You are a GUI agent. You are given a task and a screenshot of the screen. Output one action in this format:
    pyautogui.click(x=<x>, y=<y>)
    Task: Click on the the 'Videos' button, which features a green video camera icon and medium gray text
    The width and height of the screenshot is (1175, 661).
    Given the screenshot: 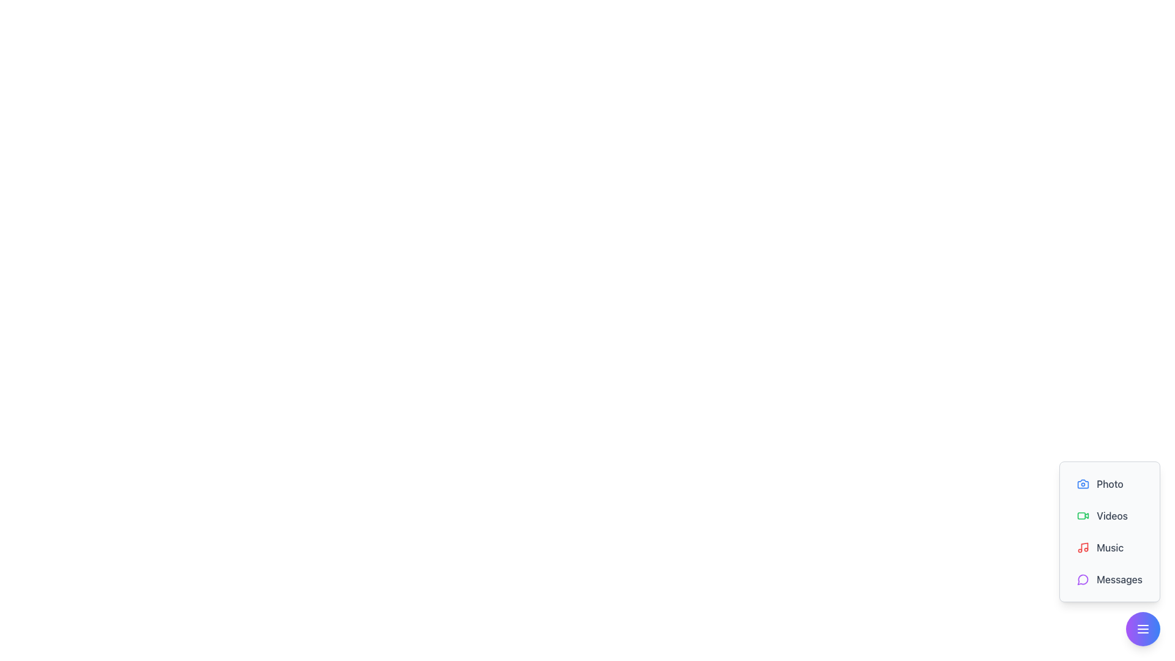 What is the action you would take?
    pyautogui.click(x=1110, y=516)
    